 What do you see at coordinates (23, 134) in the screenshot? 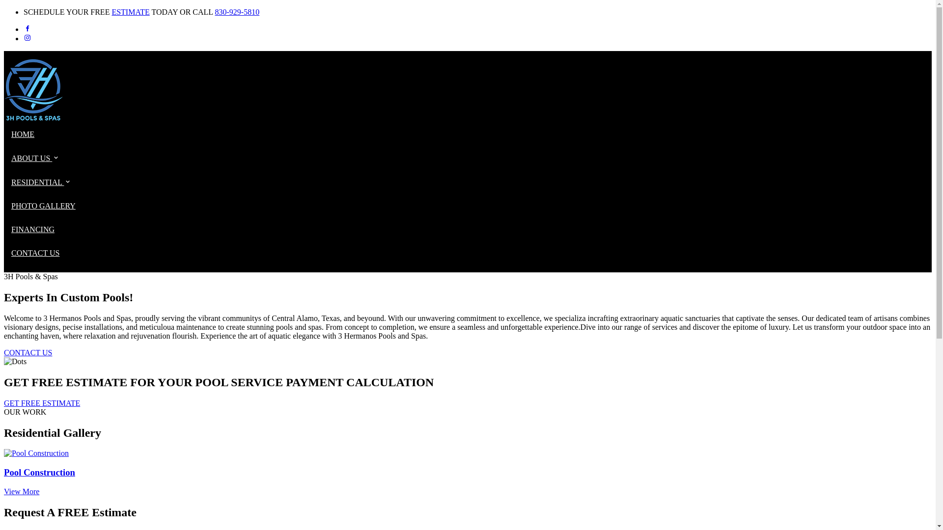
I see `'HOME'` at bounding box center [23, 134].